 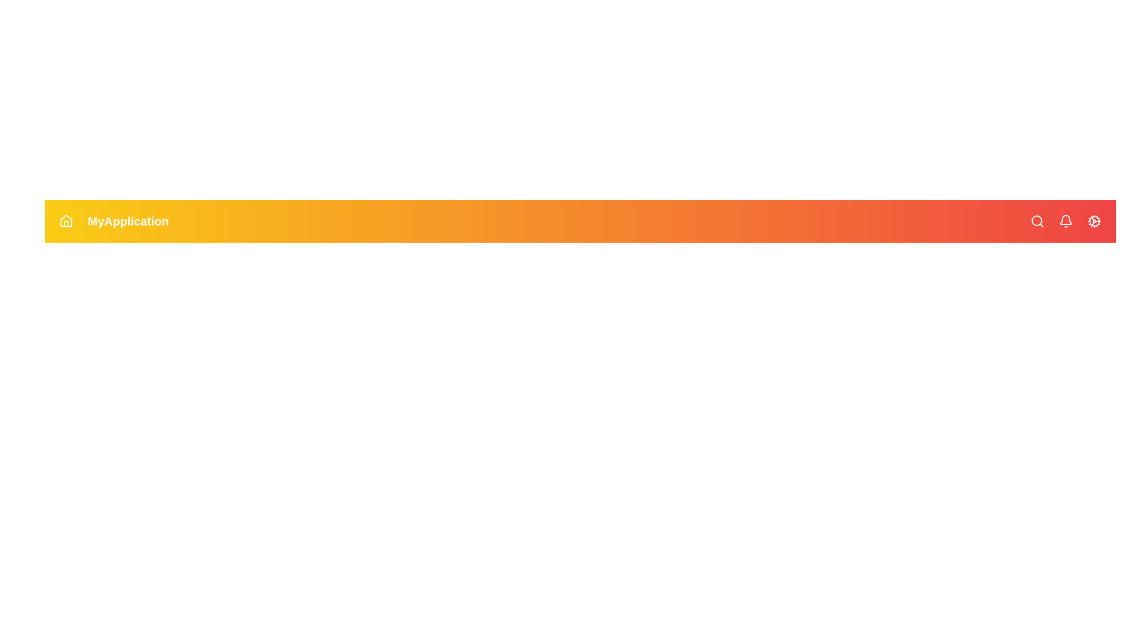 What do you see at coordinates (1093, 221) in the screenshot?
I see `the settings icon button located as the fourth icon from the right in the top navigation bar` at bounding box center [1093, 221].